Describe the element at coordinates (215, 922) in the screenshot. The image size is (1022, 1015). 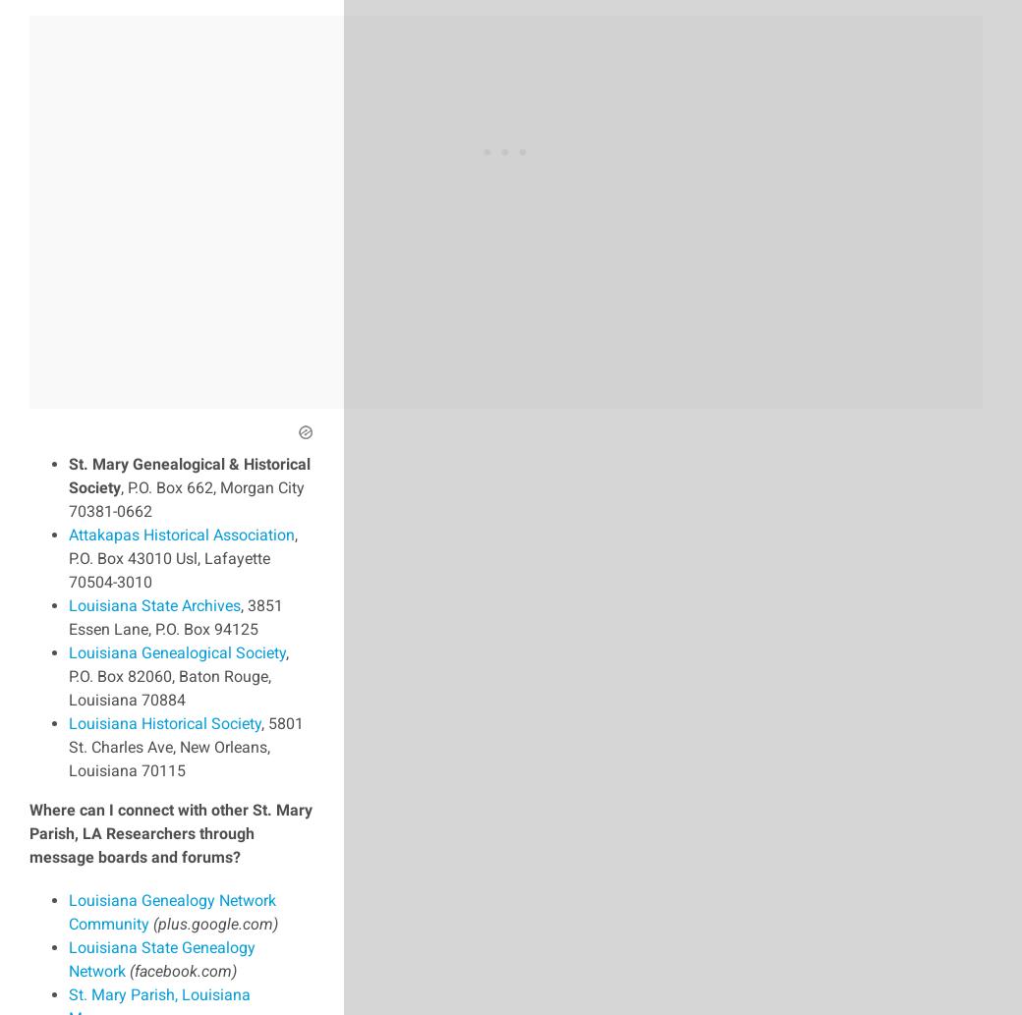
I see `'(plus.google.com)'` at that location.